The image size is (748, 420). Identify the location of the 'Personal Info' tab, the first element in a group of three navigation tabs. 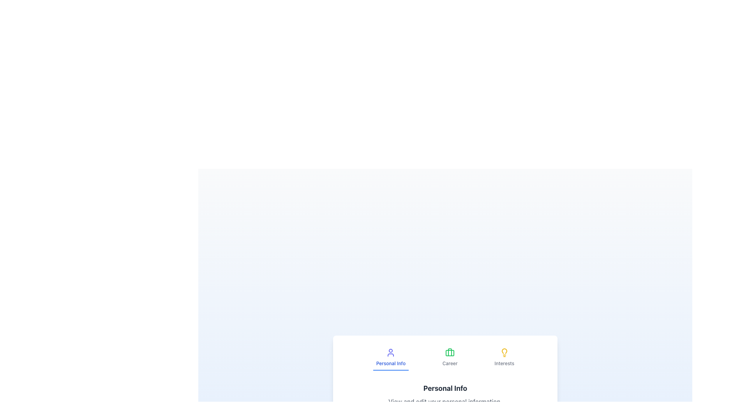
(391, 358).